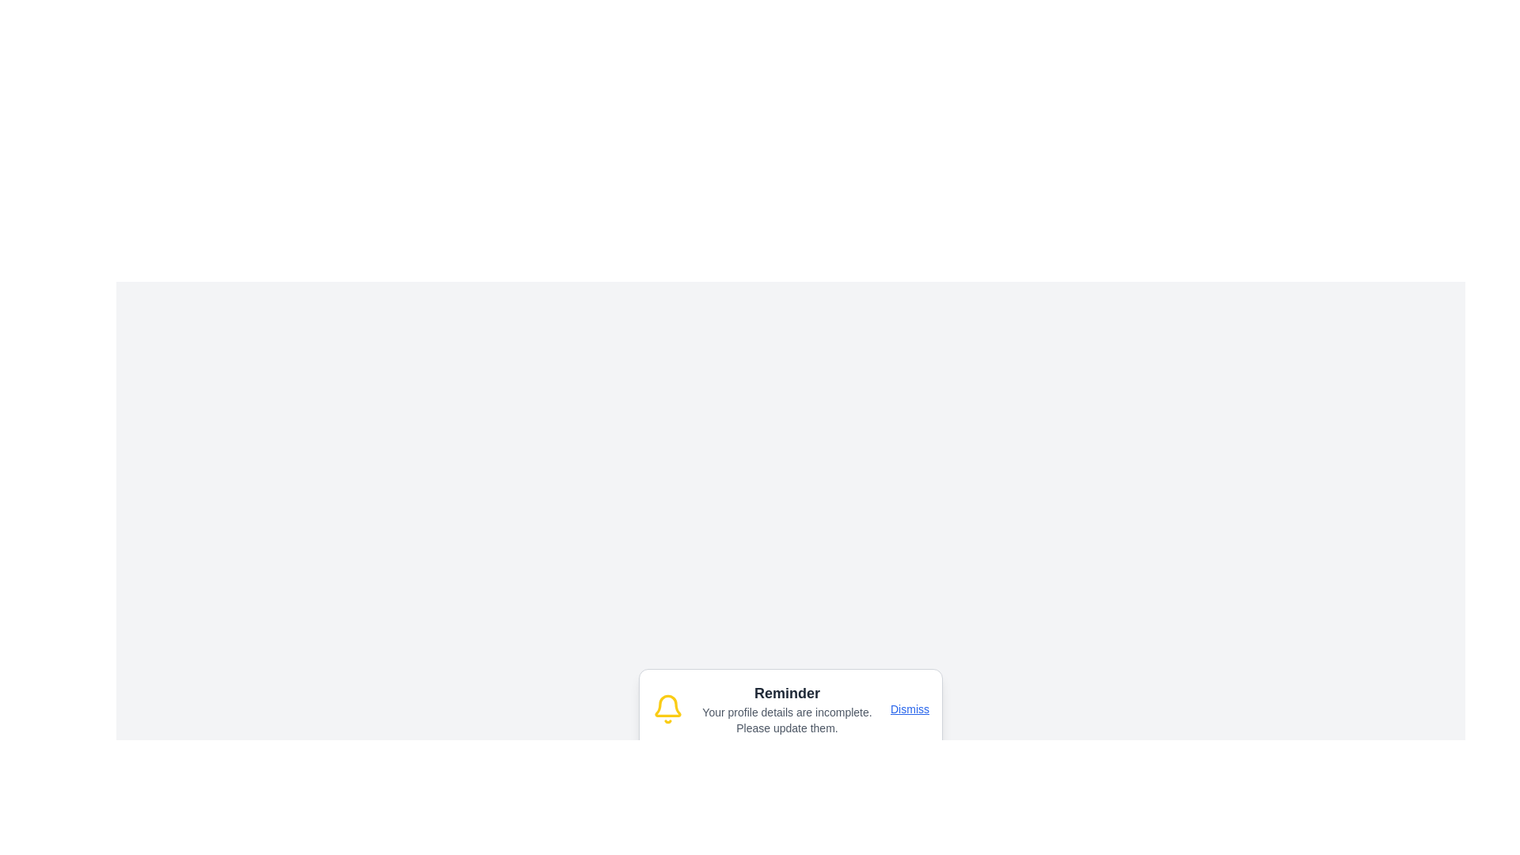 The image size is (1520, 855). I want to click on the hyperlink located at the upper-right corner of the notification card, so click(910, 708).